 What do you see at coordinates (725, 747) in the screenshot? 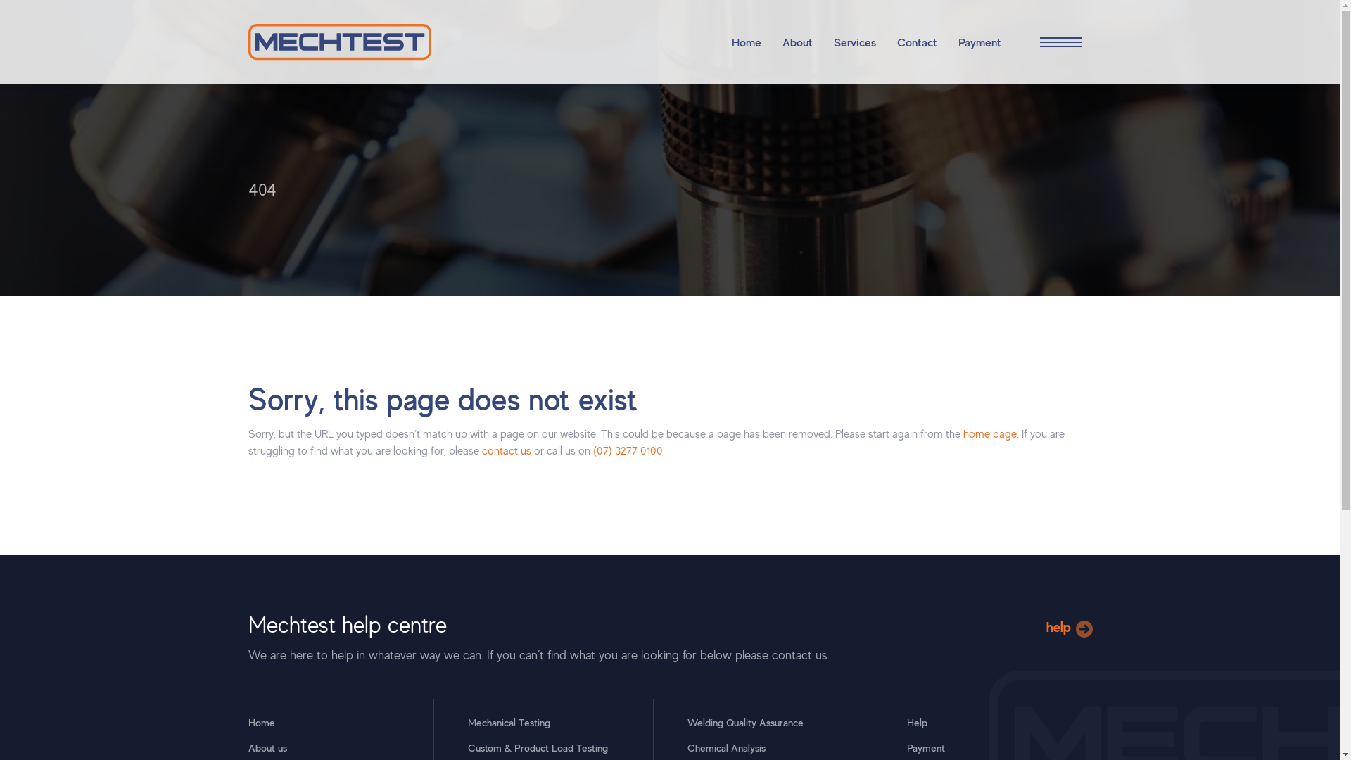
I see `'Chemical Analysis'` at bounding box center [725, 747].